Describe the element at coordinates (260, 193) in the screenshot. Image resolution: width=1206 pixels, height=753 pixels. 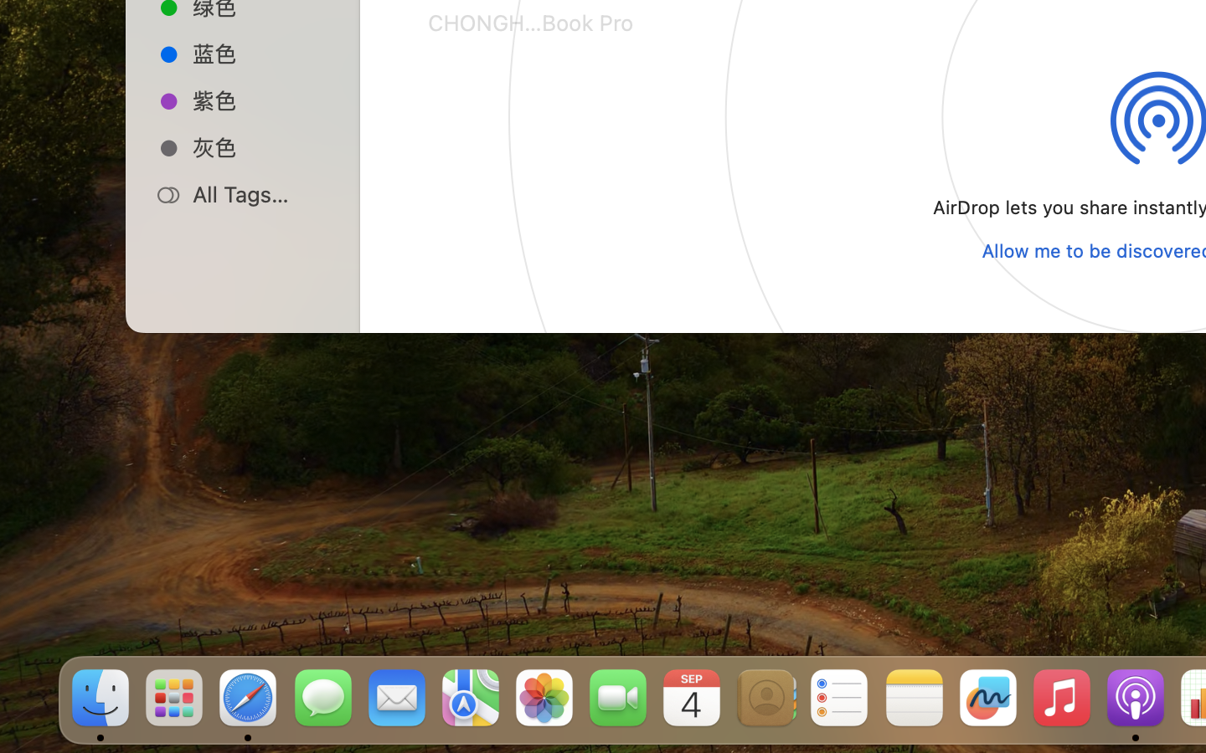
I see `'All Tags…'` at that location.